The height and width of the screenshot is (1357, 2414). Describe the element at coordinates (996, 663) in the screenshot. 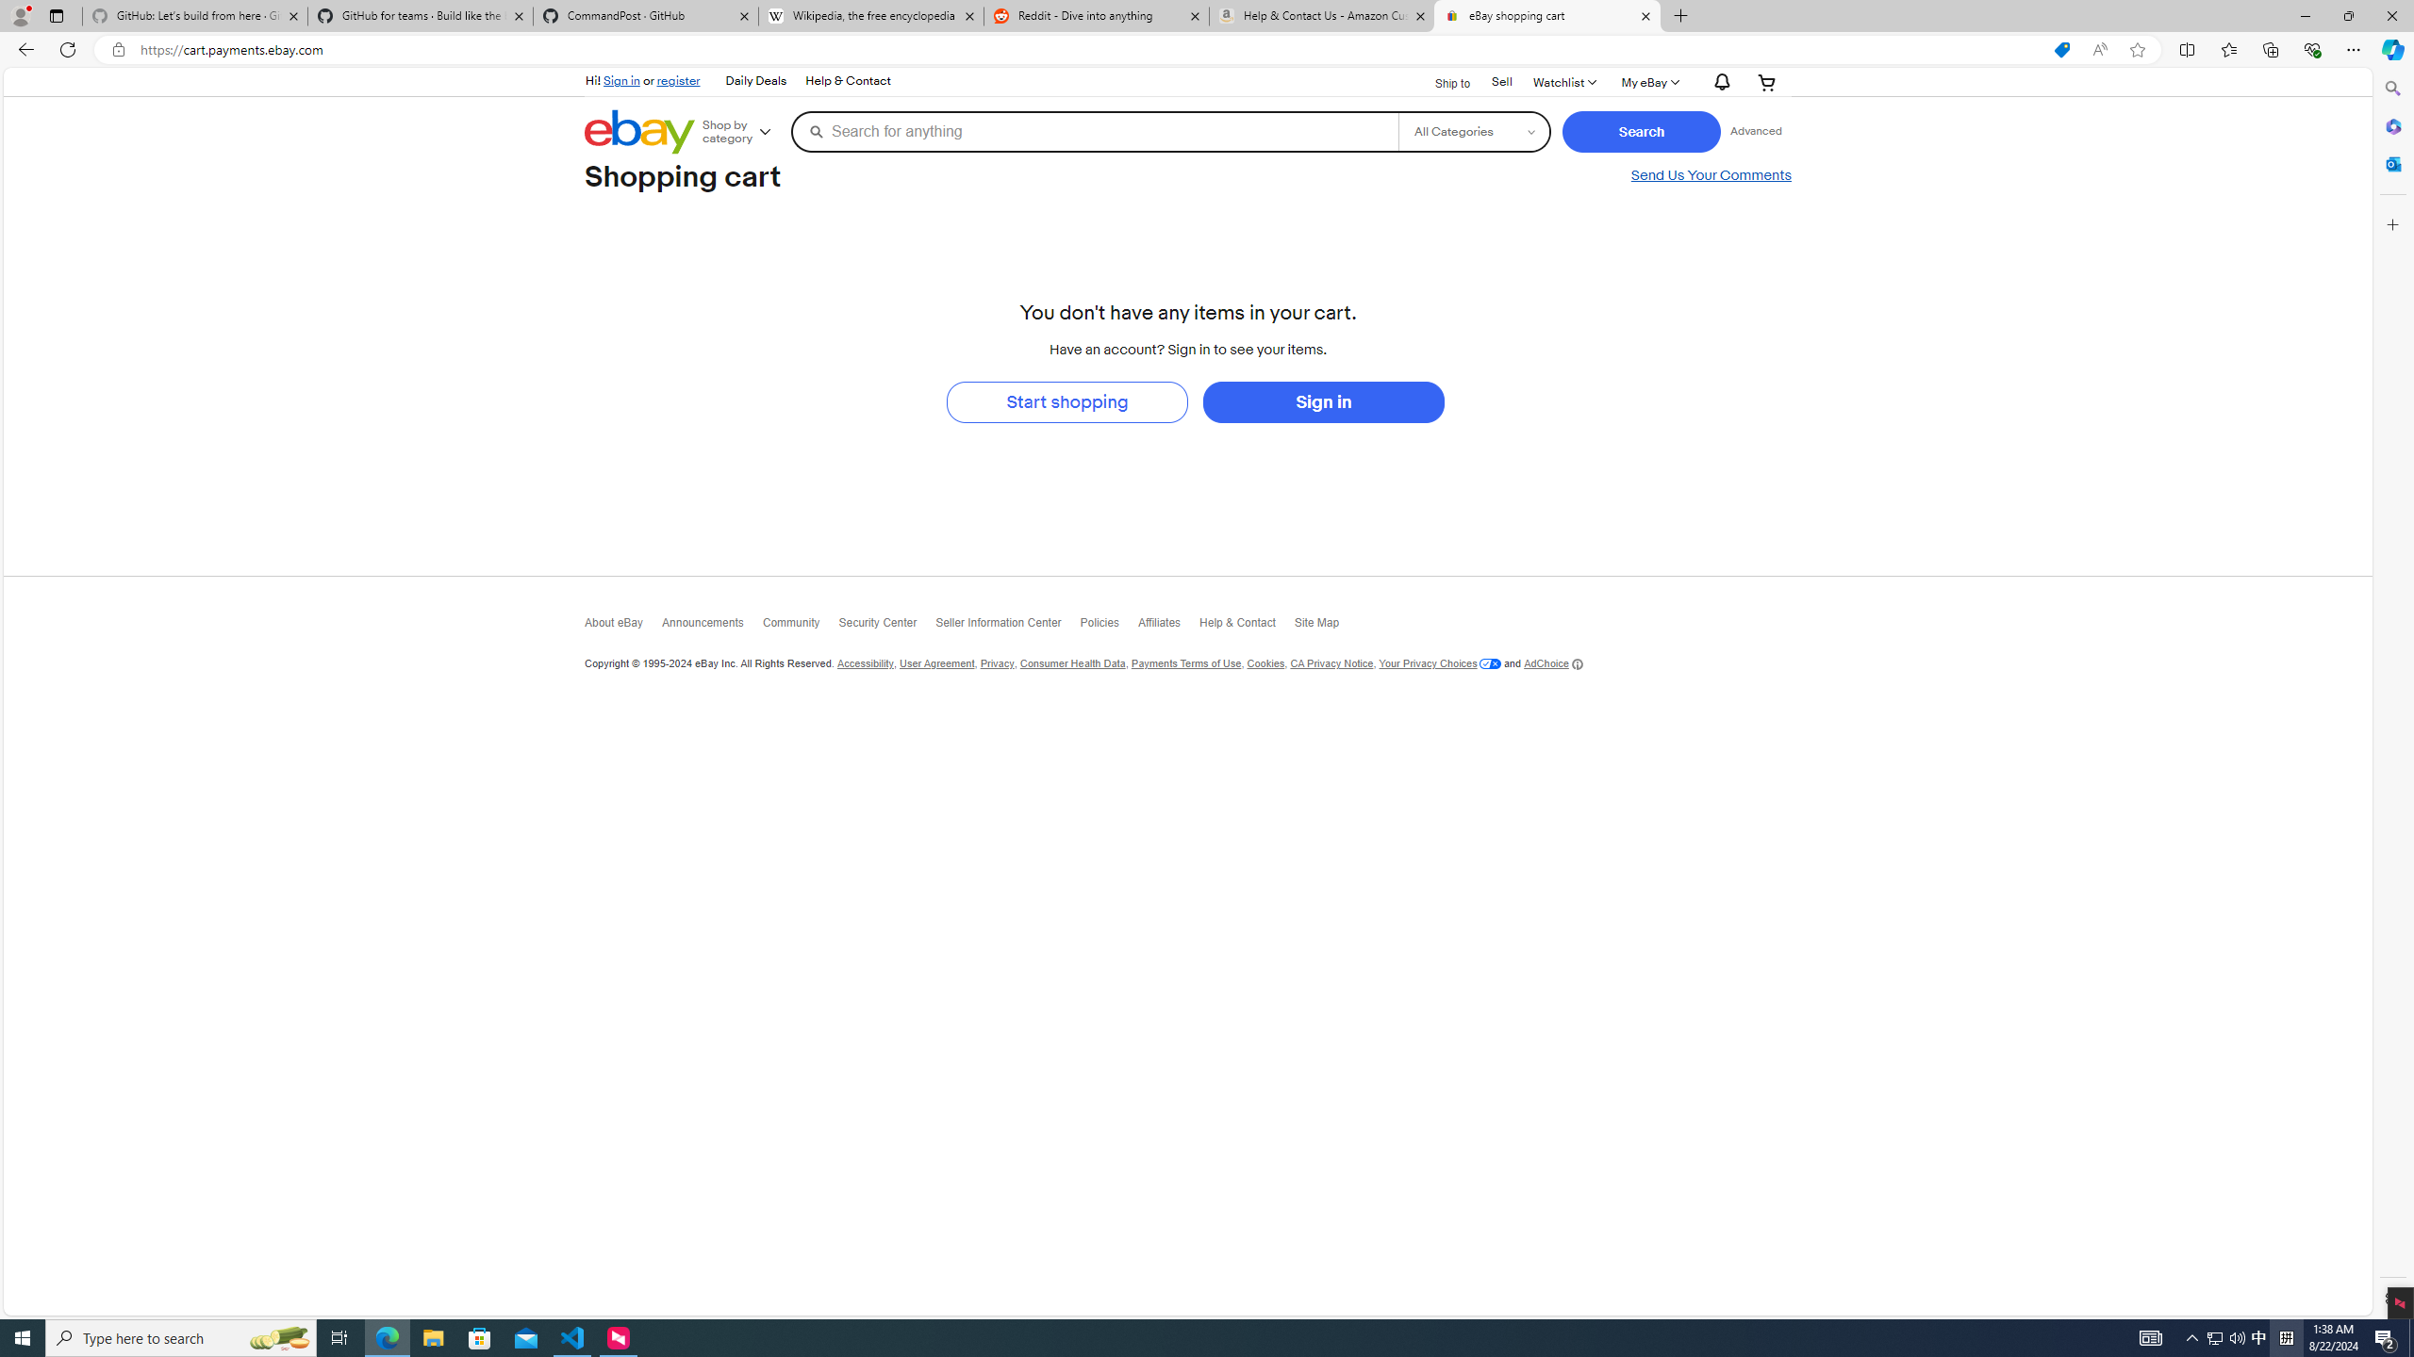

I see `'Privacy'` at that location.